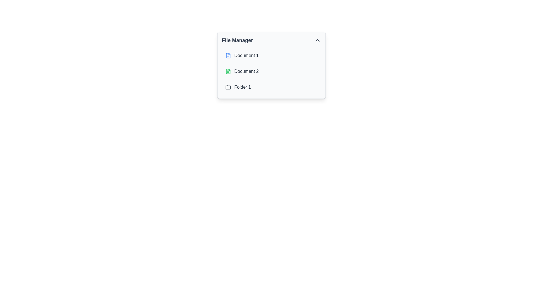 The width and height of the screenshot is (543, 305). I want to click on the selectable list item labeled 'Document 2', so click(271, 71).